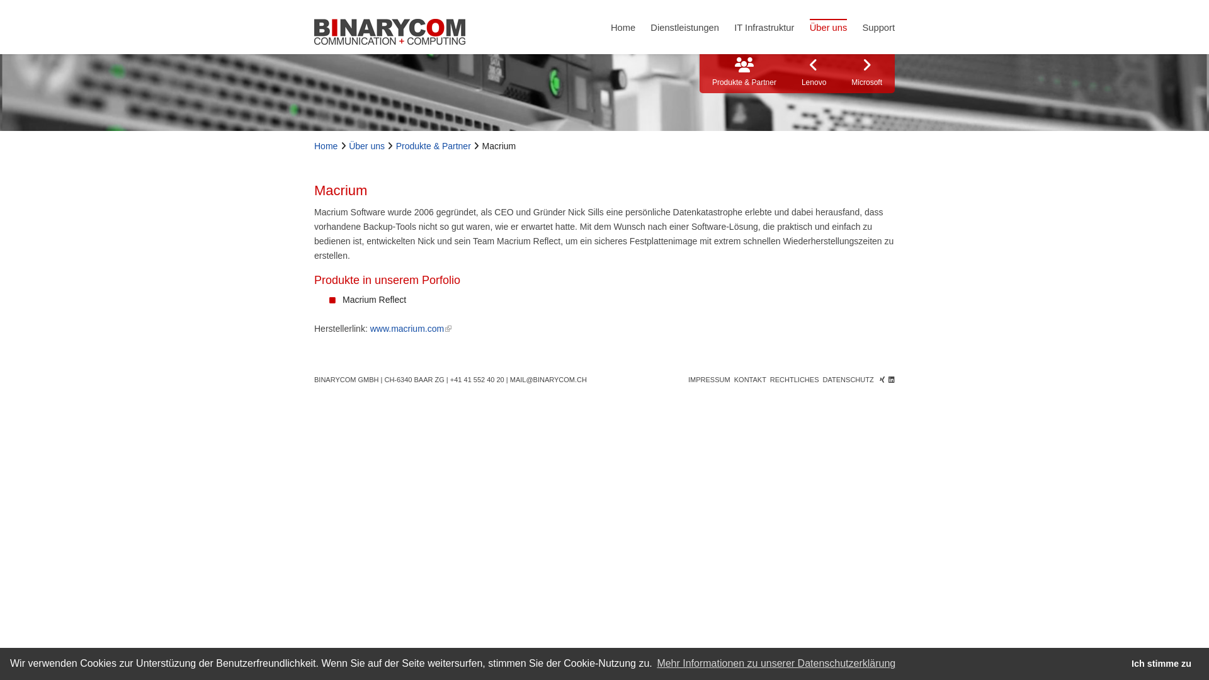  What do you see at coordinates (848, 378) in the screenshot?
I see `'DATENSCHUTZ'` at bounding box center [848, 378].